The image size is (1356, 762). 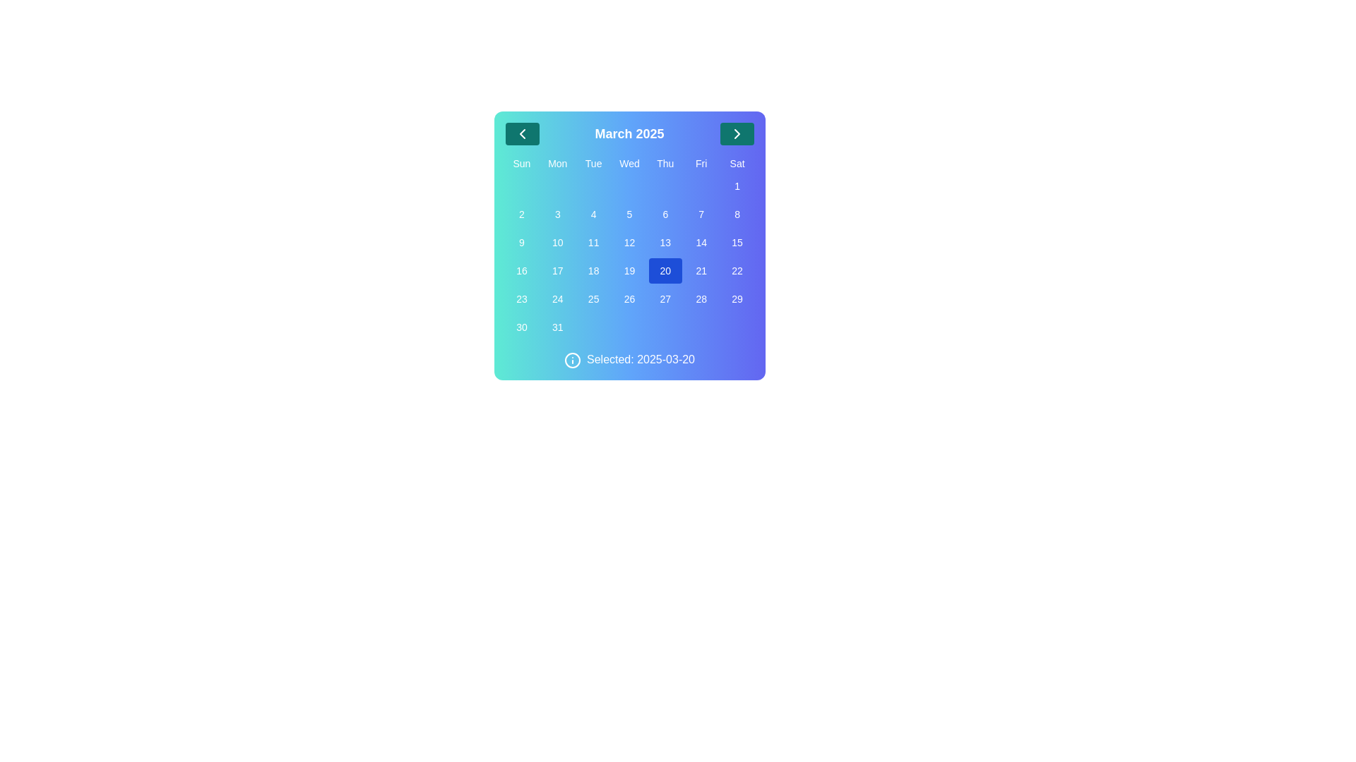 What do you see at coordinates (629, 241) in the screenshot?
I see `the button displaying the numerical value '12' in white text with a blue background, located in the fifth entry of the fourth row of the calendar grid` at bounding box center [629, 241].